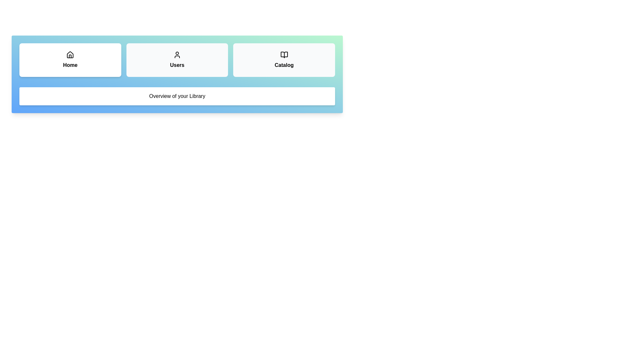 This screenshot has width=621, height=349. Describe the element at coordinates (177, 60) in the screenshot. I see `the tab labeled Users to observe its hover effect` at that location.